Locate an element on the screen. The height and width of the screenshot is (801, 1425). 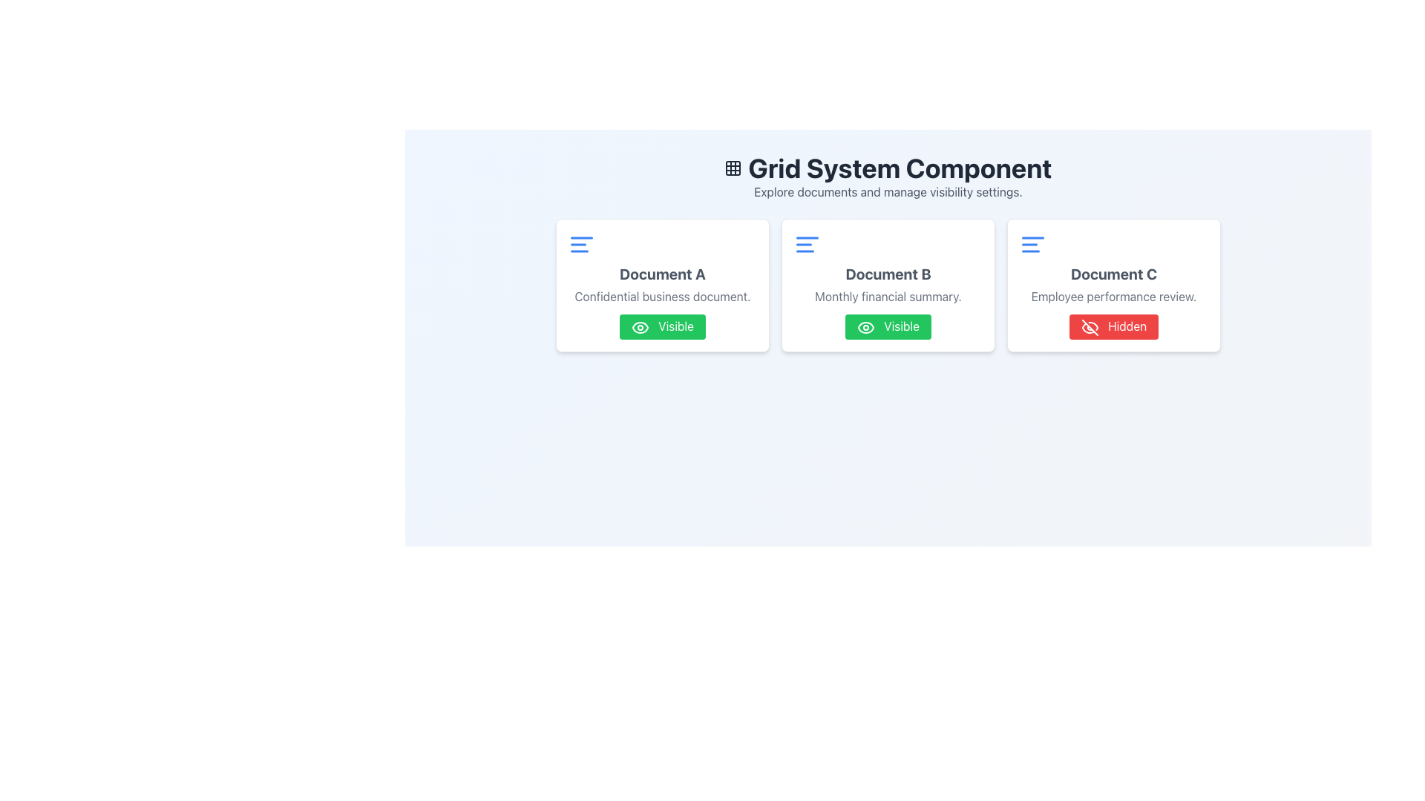
the icon resembling a stack of horizontal lines, styled with blue color, located is located at coordinates (1032, 244).